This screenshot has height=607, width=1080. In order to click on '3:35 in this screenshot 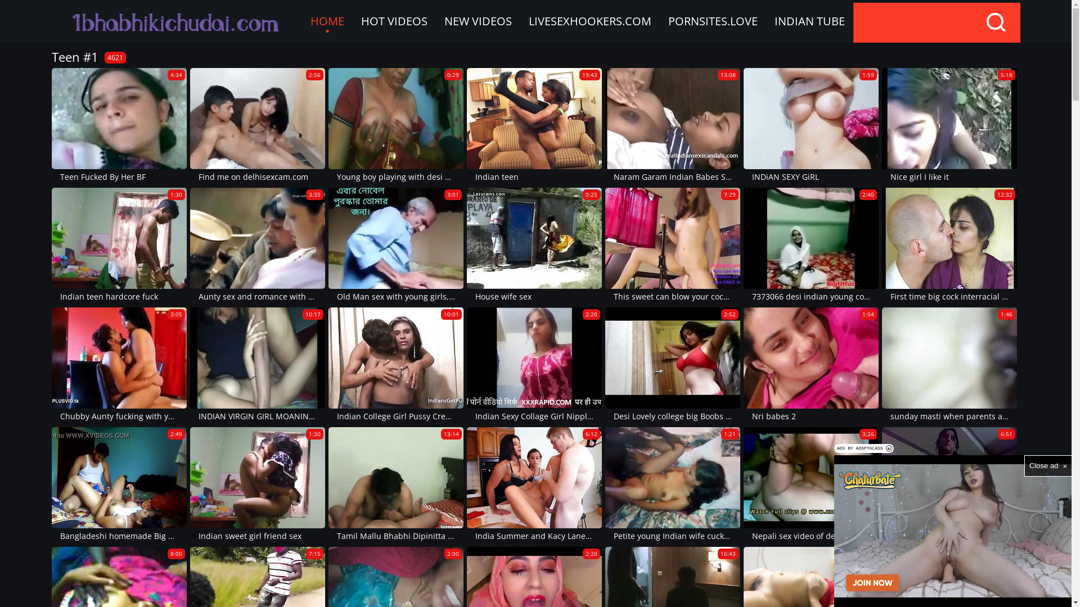, I will do `click(256, 245)`.